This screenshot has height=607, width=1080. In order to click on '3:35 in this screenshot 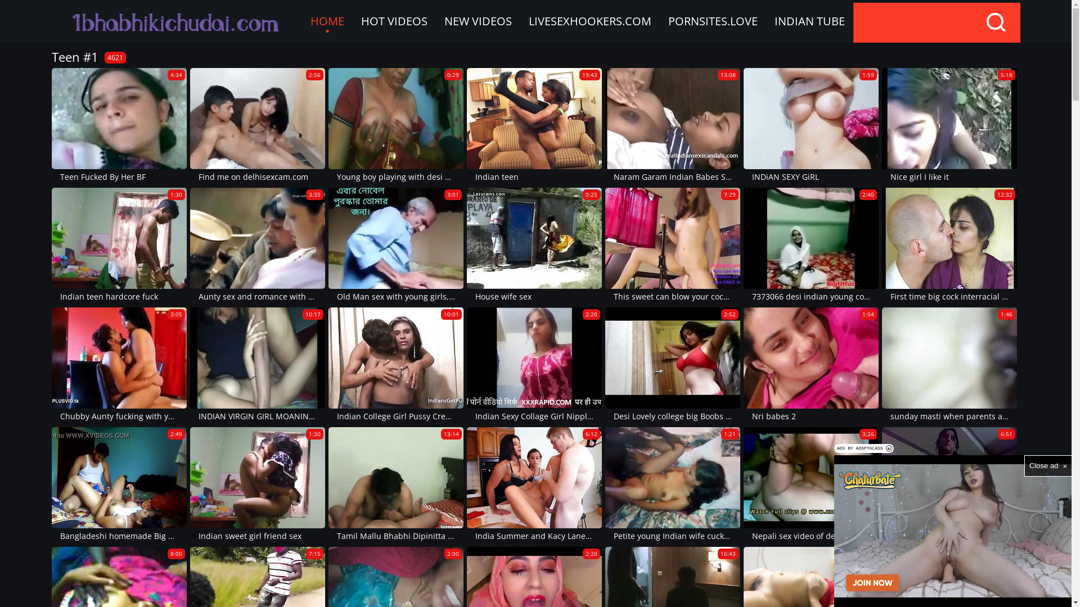, I will do `click(256, 245)`.